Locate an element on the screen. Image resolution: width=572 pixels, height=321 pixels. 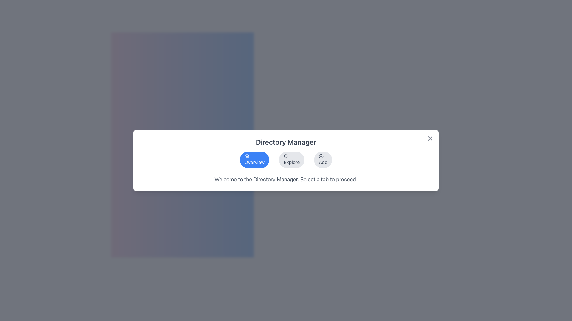
text label displaying 'Welcome to the Directory Manager. Select a tab to proceed.' located at the bottom of the dialog box is located at coordinates (286, 179).